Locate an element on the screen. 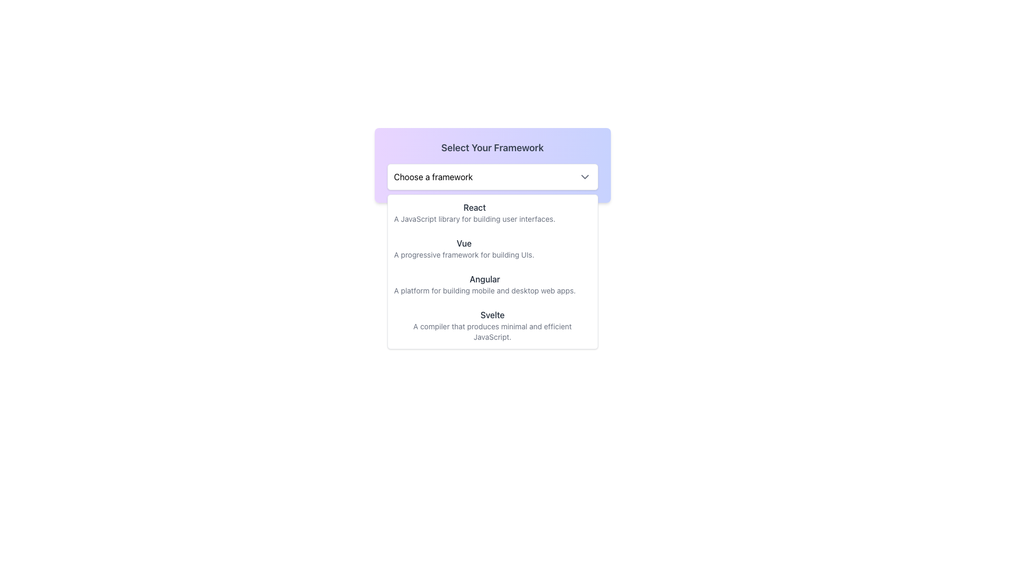 The height and width of the screenshot is (569, 1012). the dropdown menu in the titled section is located at coordinates (492, 165).